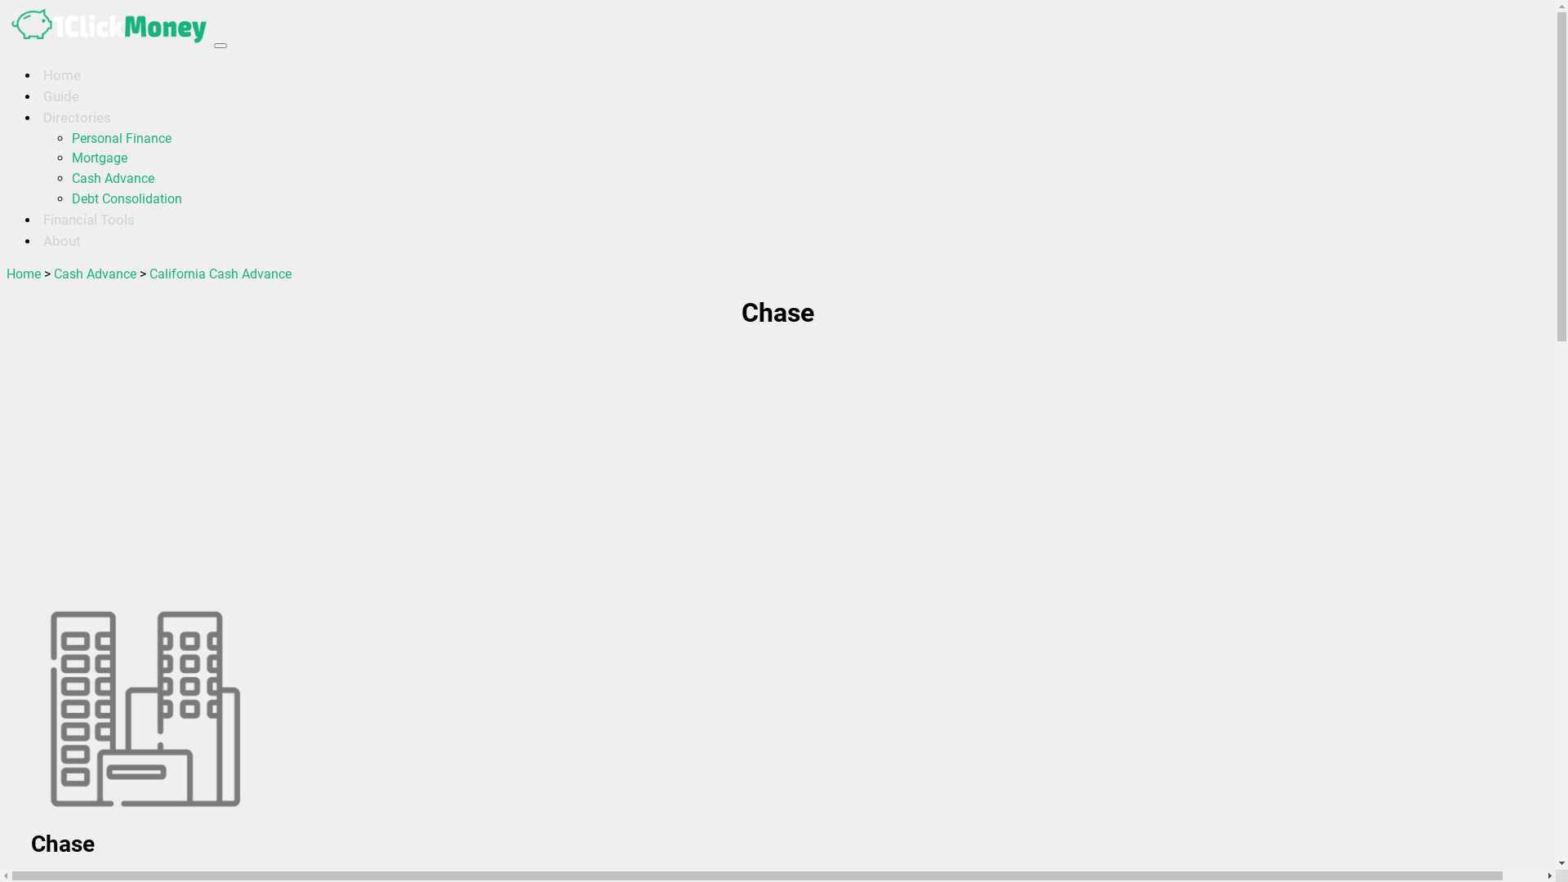 This screenshot has height=882, width=1568. What do you see at coordinates (62, 239) in the screenshot?
I see `'About'` at bounding box center [62, 239].